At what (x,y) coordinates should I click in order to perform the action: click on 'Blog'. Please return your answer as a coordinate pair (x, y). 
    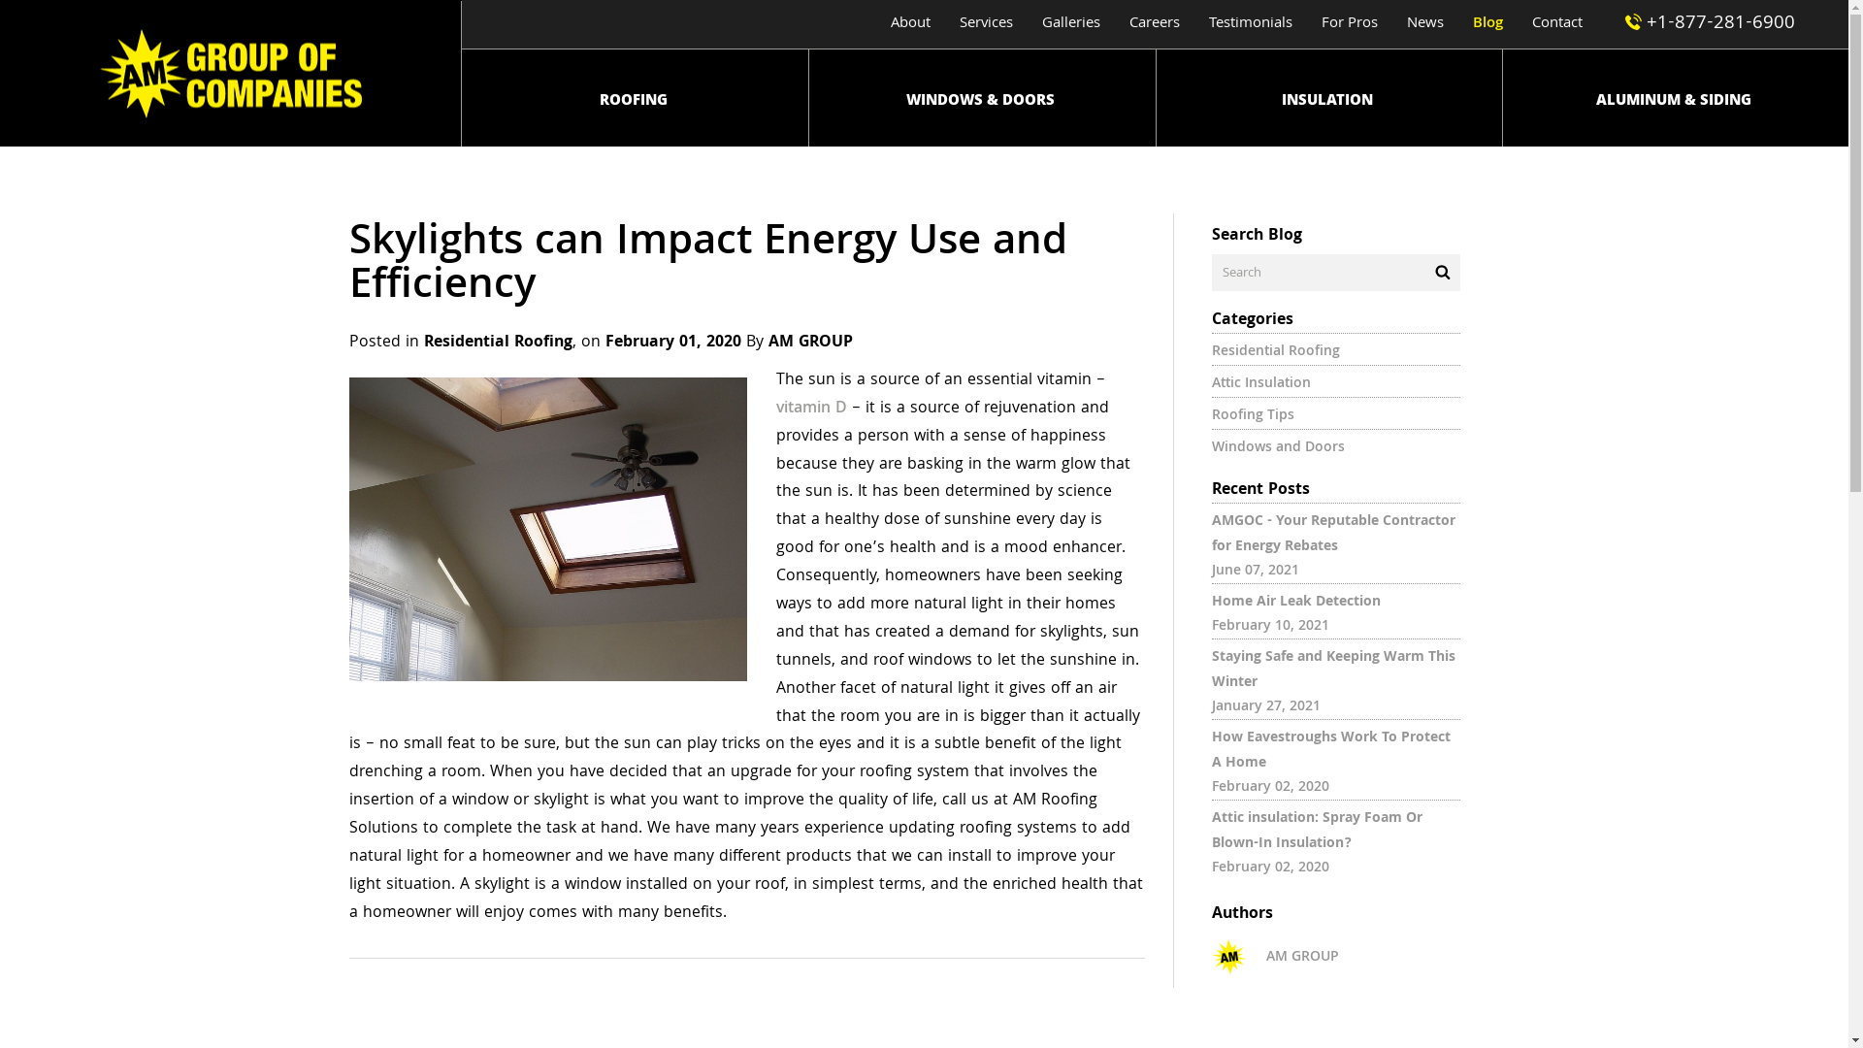
    Looking at the image, I should click on (1487, 23).